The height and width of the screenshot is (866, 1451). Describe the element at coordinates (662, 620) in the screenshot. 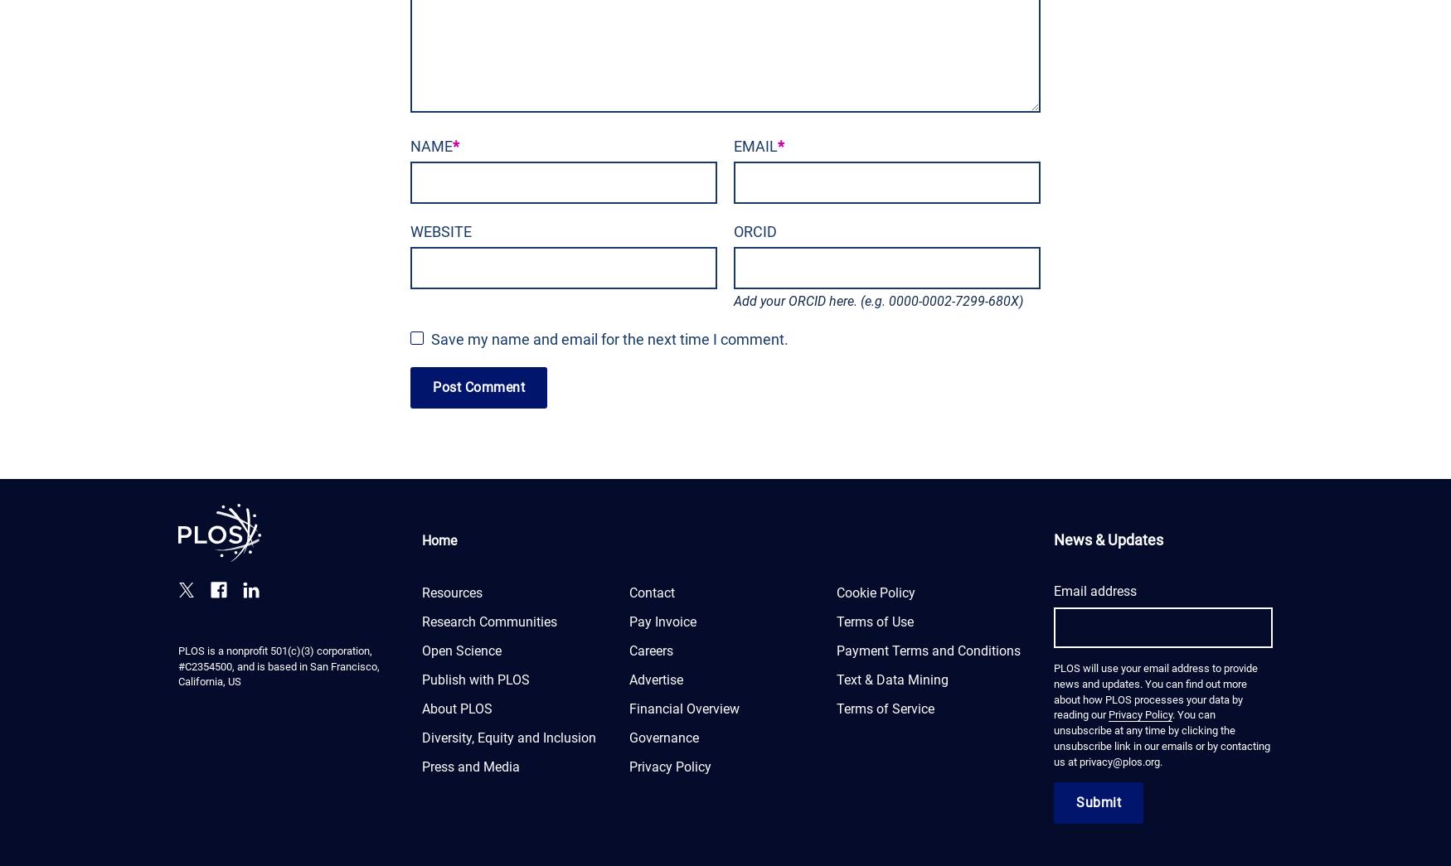

I see `'Pay Invoice'` at that location.